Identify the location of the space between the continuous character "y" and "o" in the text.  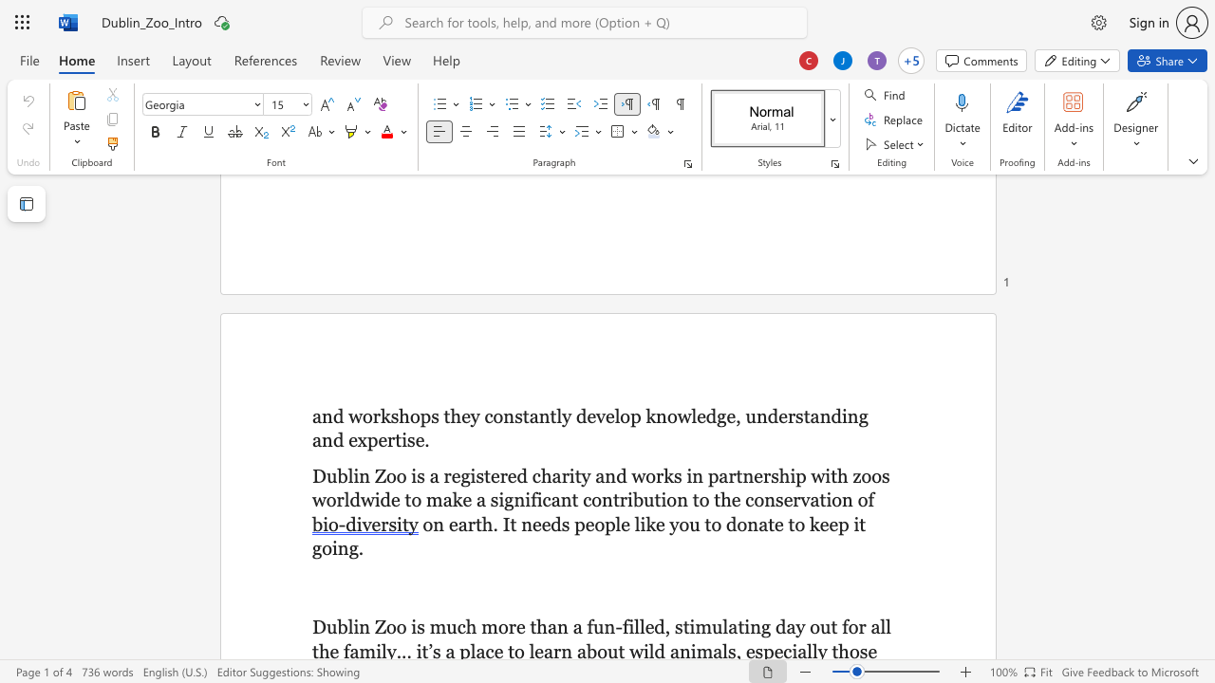
(679, 524).